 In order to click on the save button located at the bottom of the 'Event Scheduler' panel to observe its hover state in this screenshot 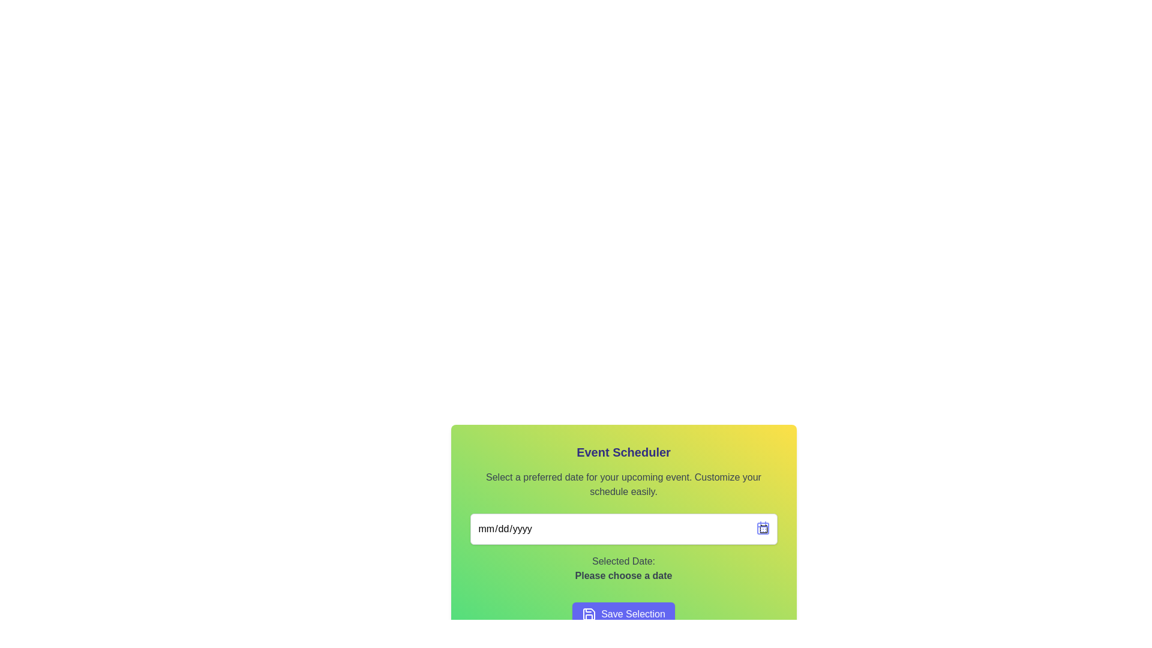, I will do `click(623, 614)`.